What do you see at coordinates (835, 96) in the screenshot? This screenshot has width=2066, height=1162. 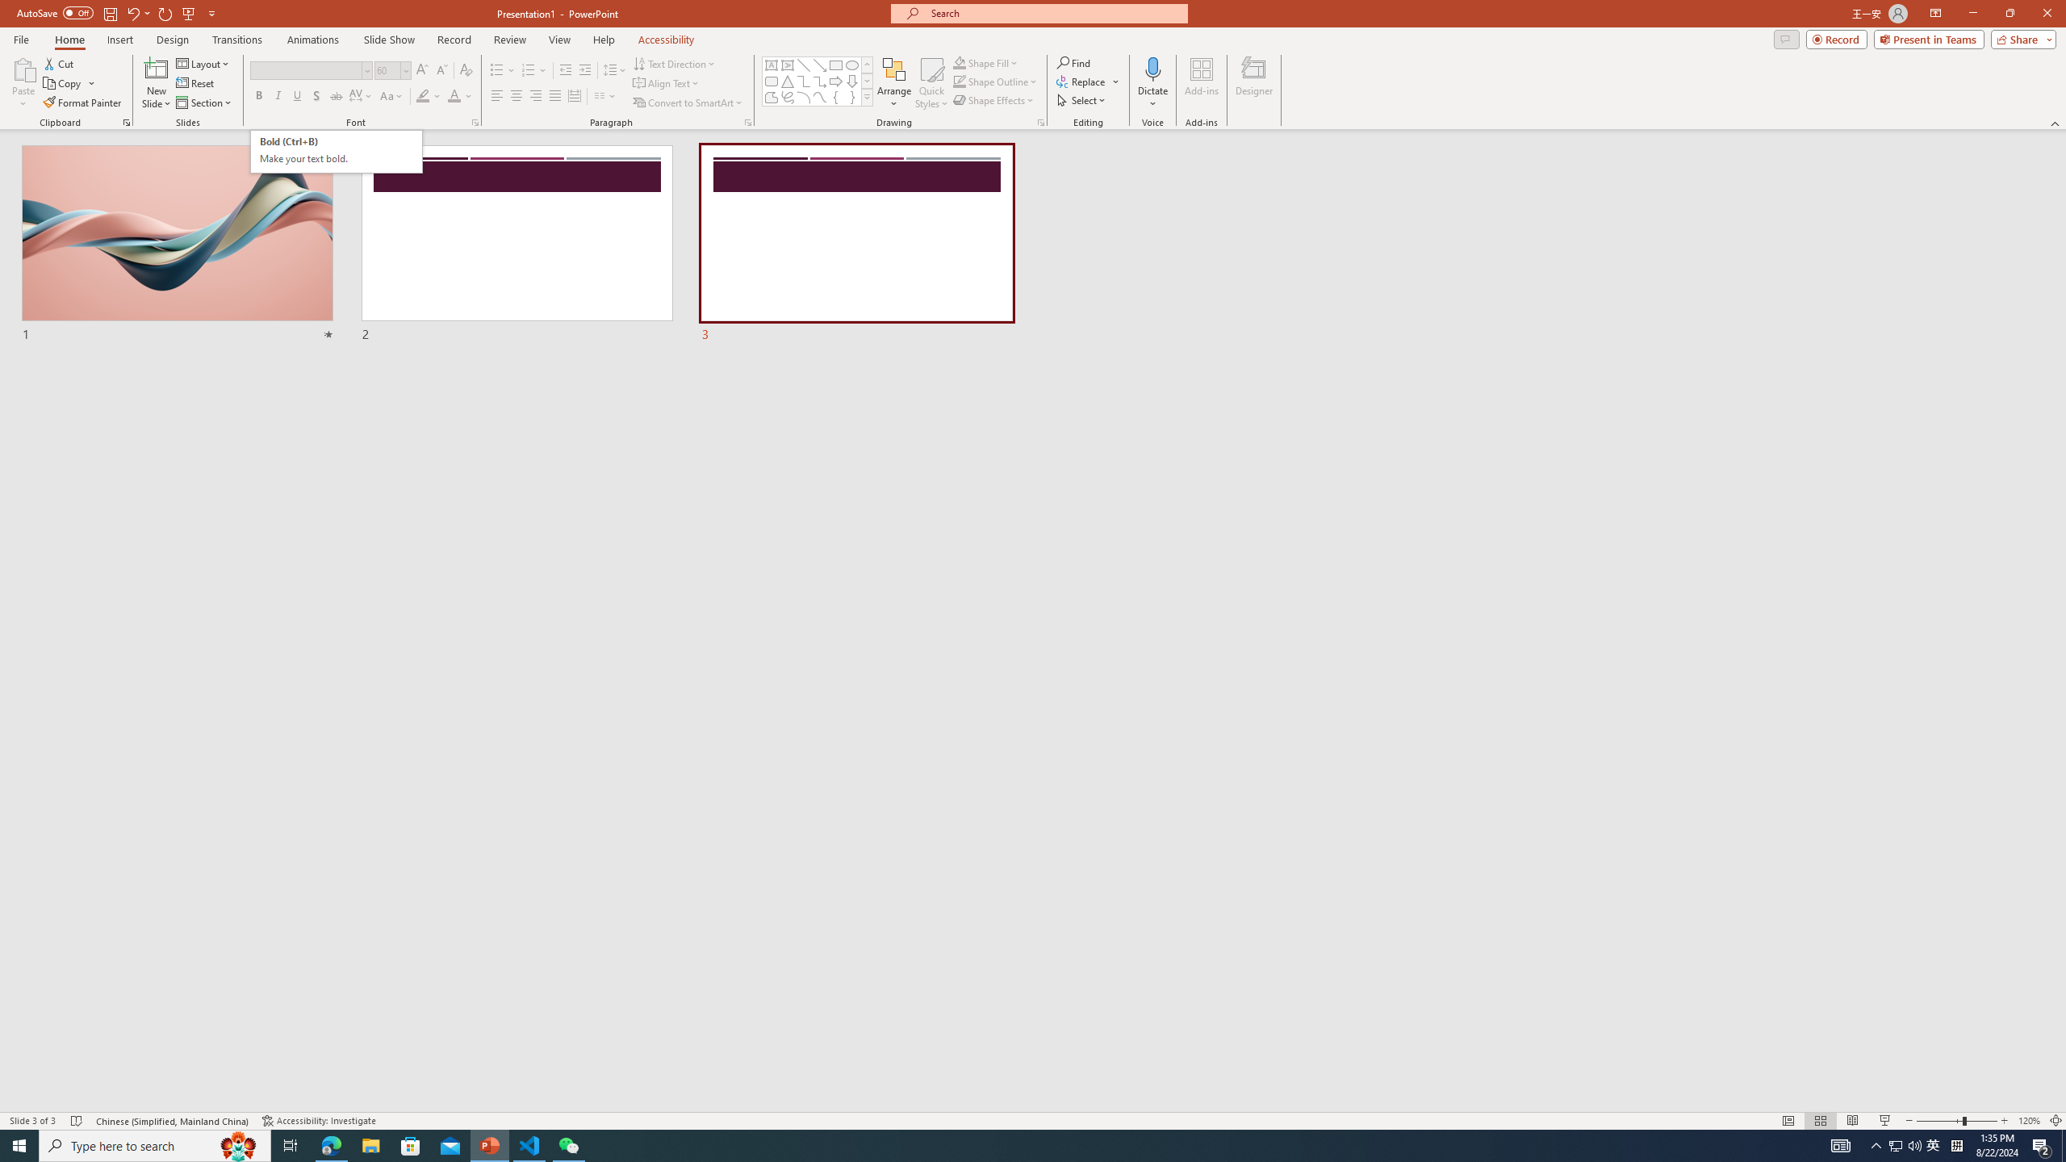 I see `'Left Brace'` at bounding box center [835, 96].